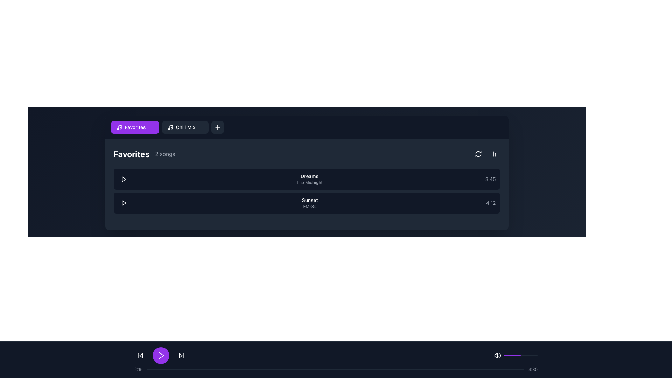 The width and height of the screenshot is (672, 378). What do you see at coordinates (493, 153) in the screenshot?
I see `the bar-chart icon button located in the top-right corner of the playlist display area` at bounding box center [493, 153].